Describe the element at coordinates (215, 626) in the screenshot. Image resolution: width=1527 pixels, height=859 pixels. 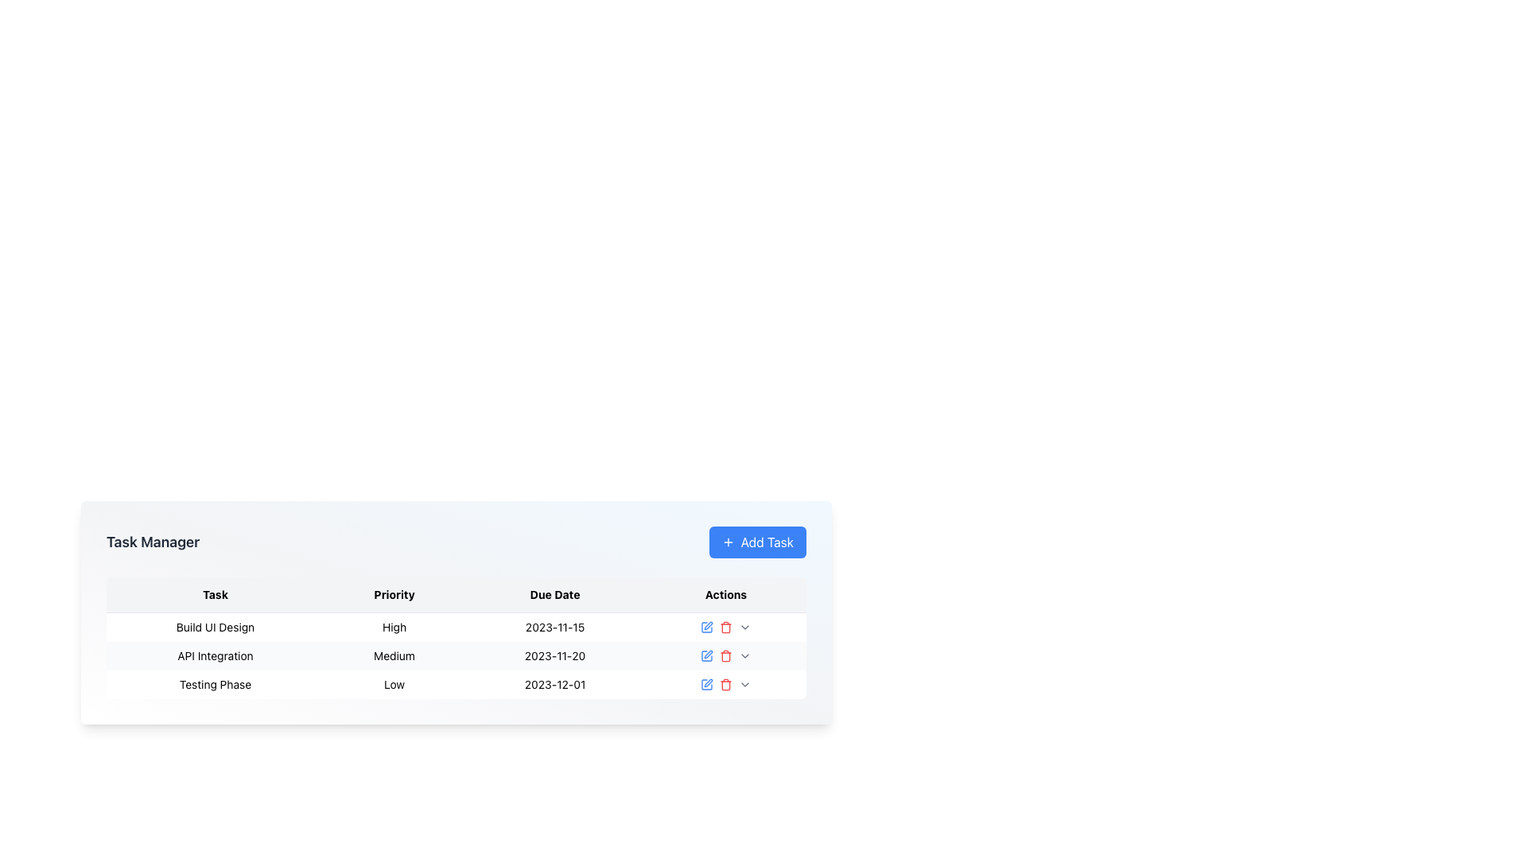
I see `the text label displaying 'Build UI Design' which is located in the first item of the 'Task' column in the table` at that location.